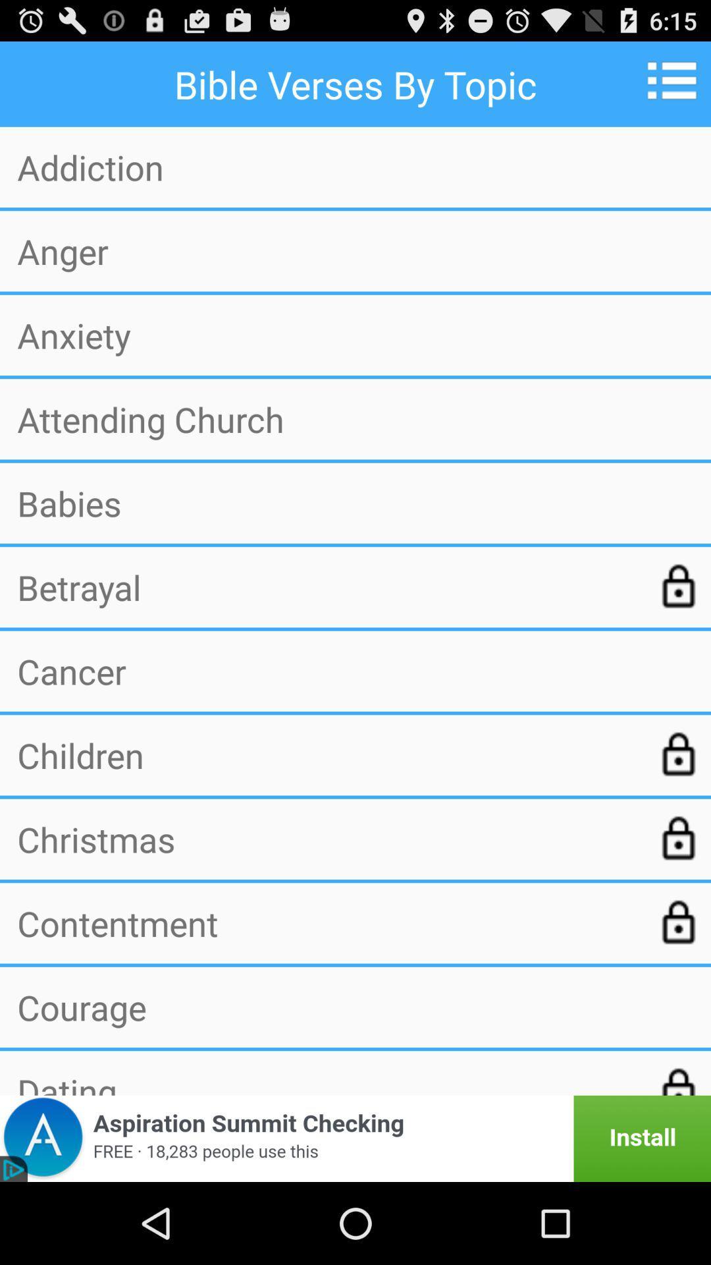 The image size is (711, 1265). What do you see at coordinates (327, 838) in the screenshot?
I see `the christmas app` at bounding box center [327, 838].